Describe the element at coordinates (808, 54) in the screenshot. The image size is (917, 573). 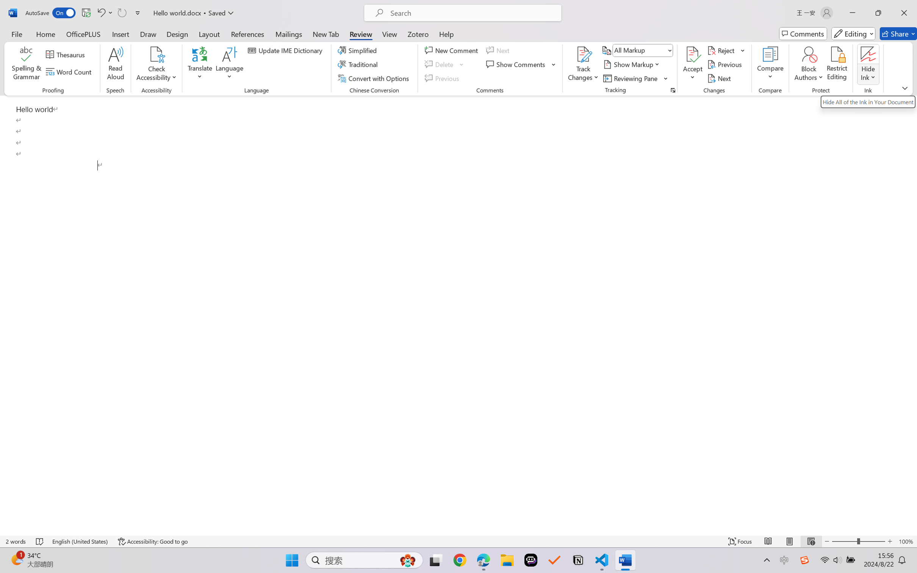
I see `'Block Authors'` at that location.